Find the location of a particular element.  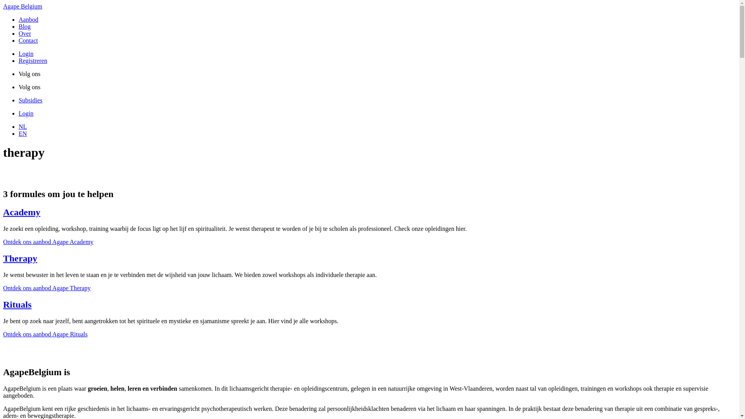

'Blog' is located at coordinates (19, 26).